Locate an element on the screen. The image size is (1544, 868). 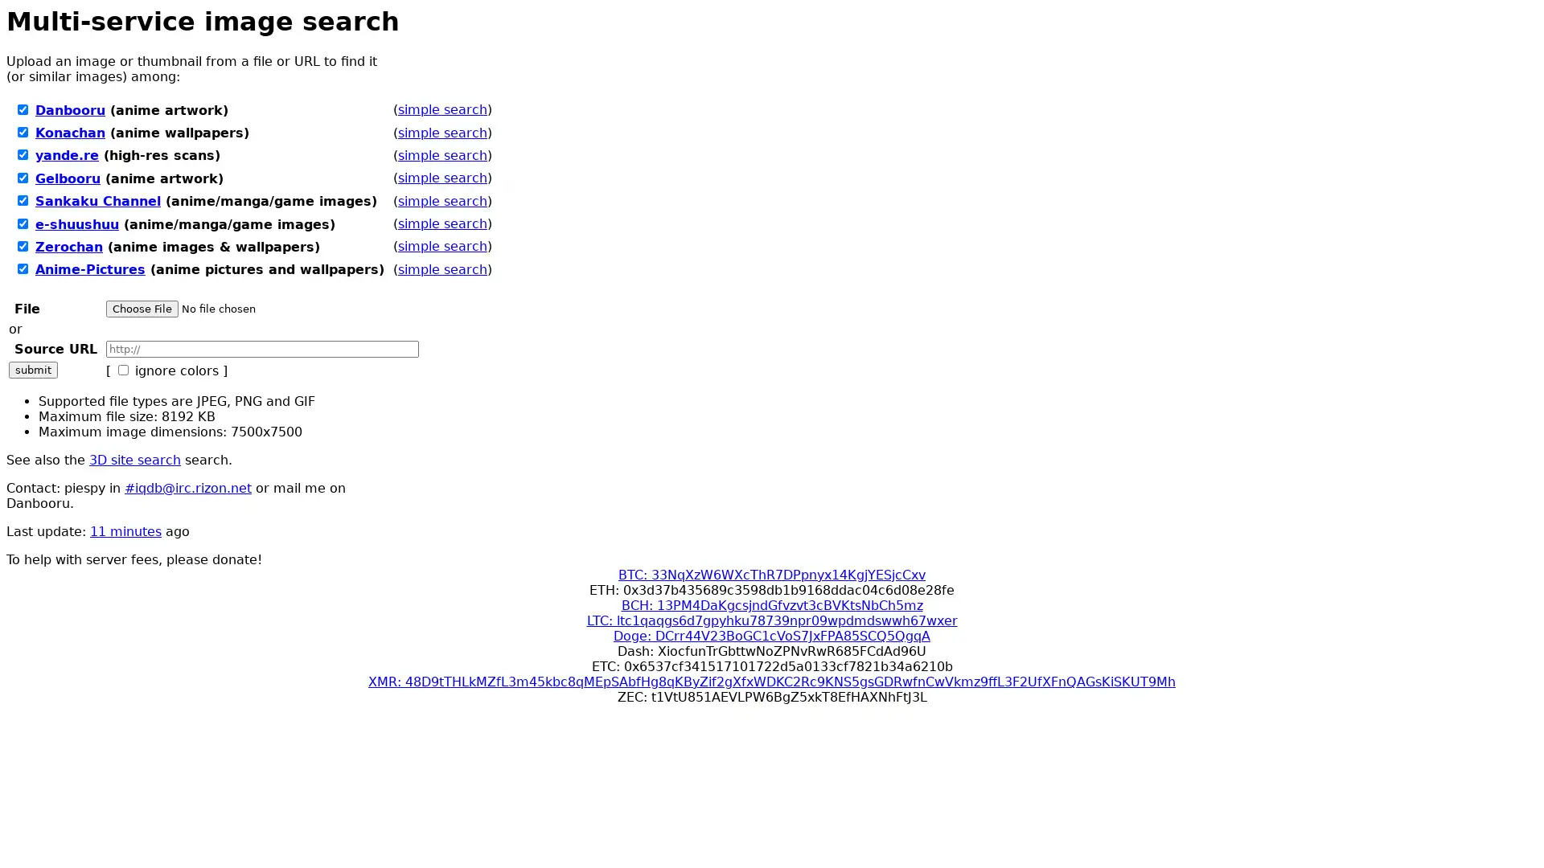
File is located at coordinates (215, 308).